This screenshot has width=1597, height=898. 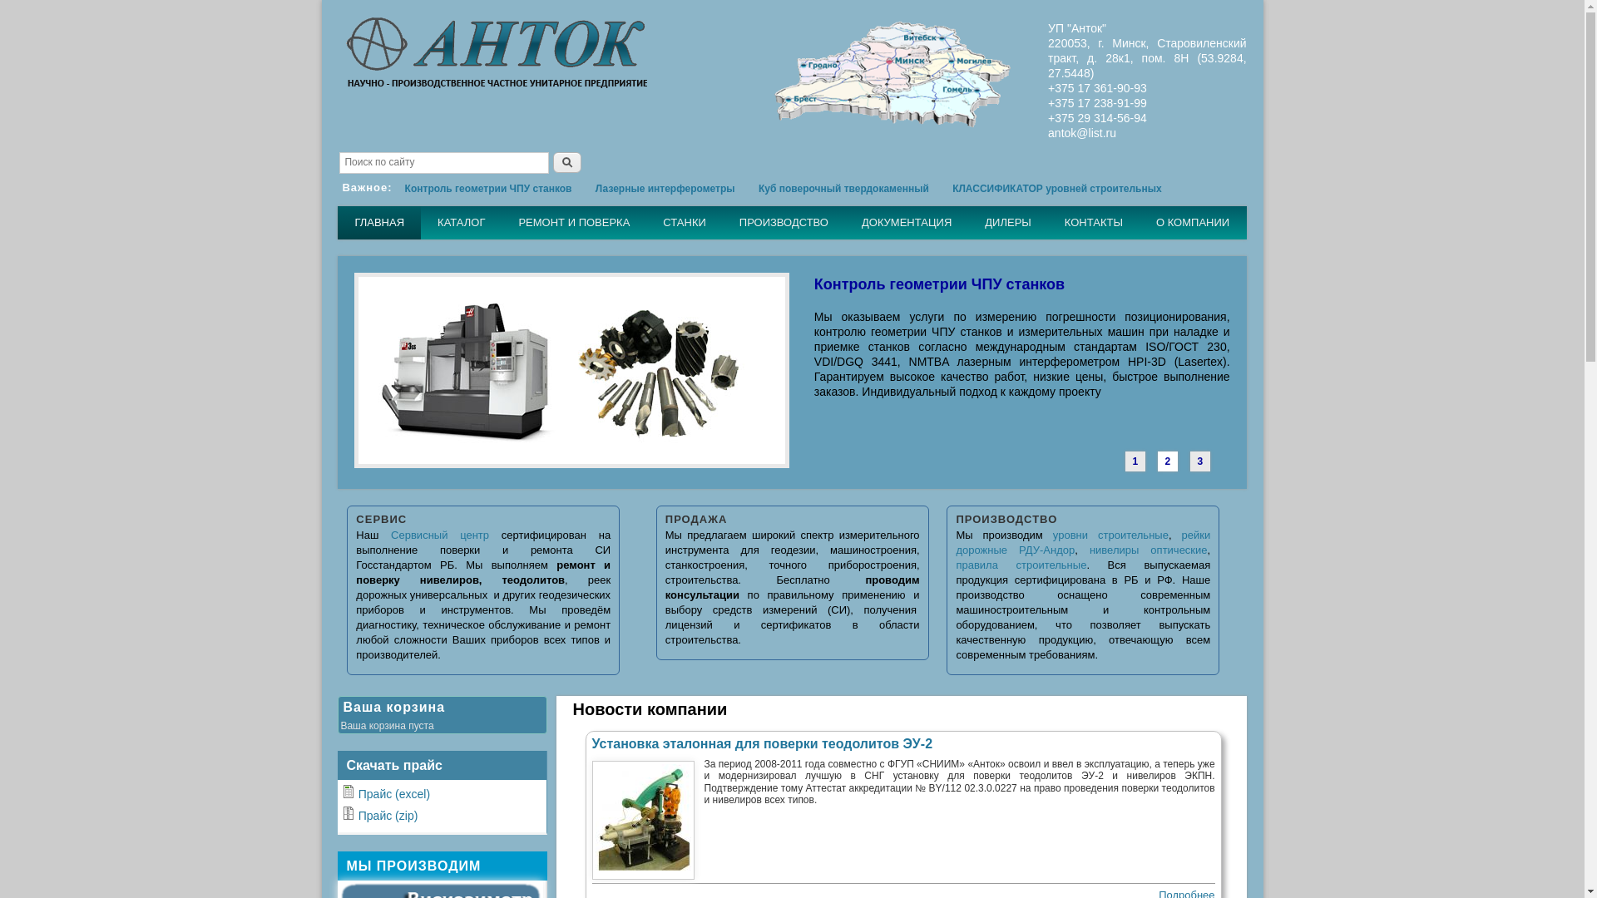 I want to click on 'application/zip', so click(x=341, y=812).